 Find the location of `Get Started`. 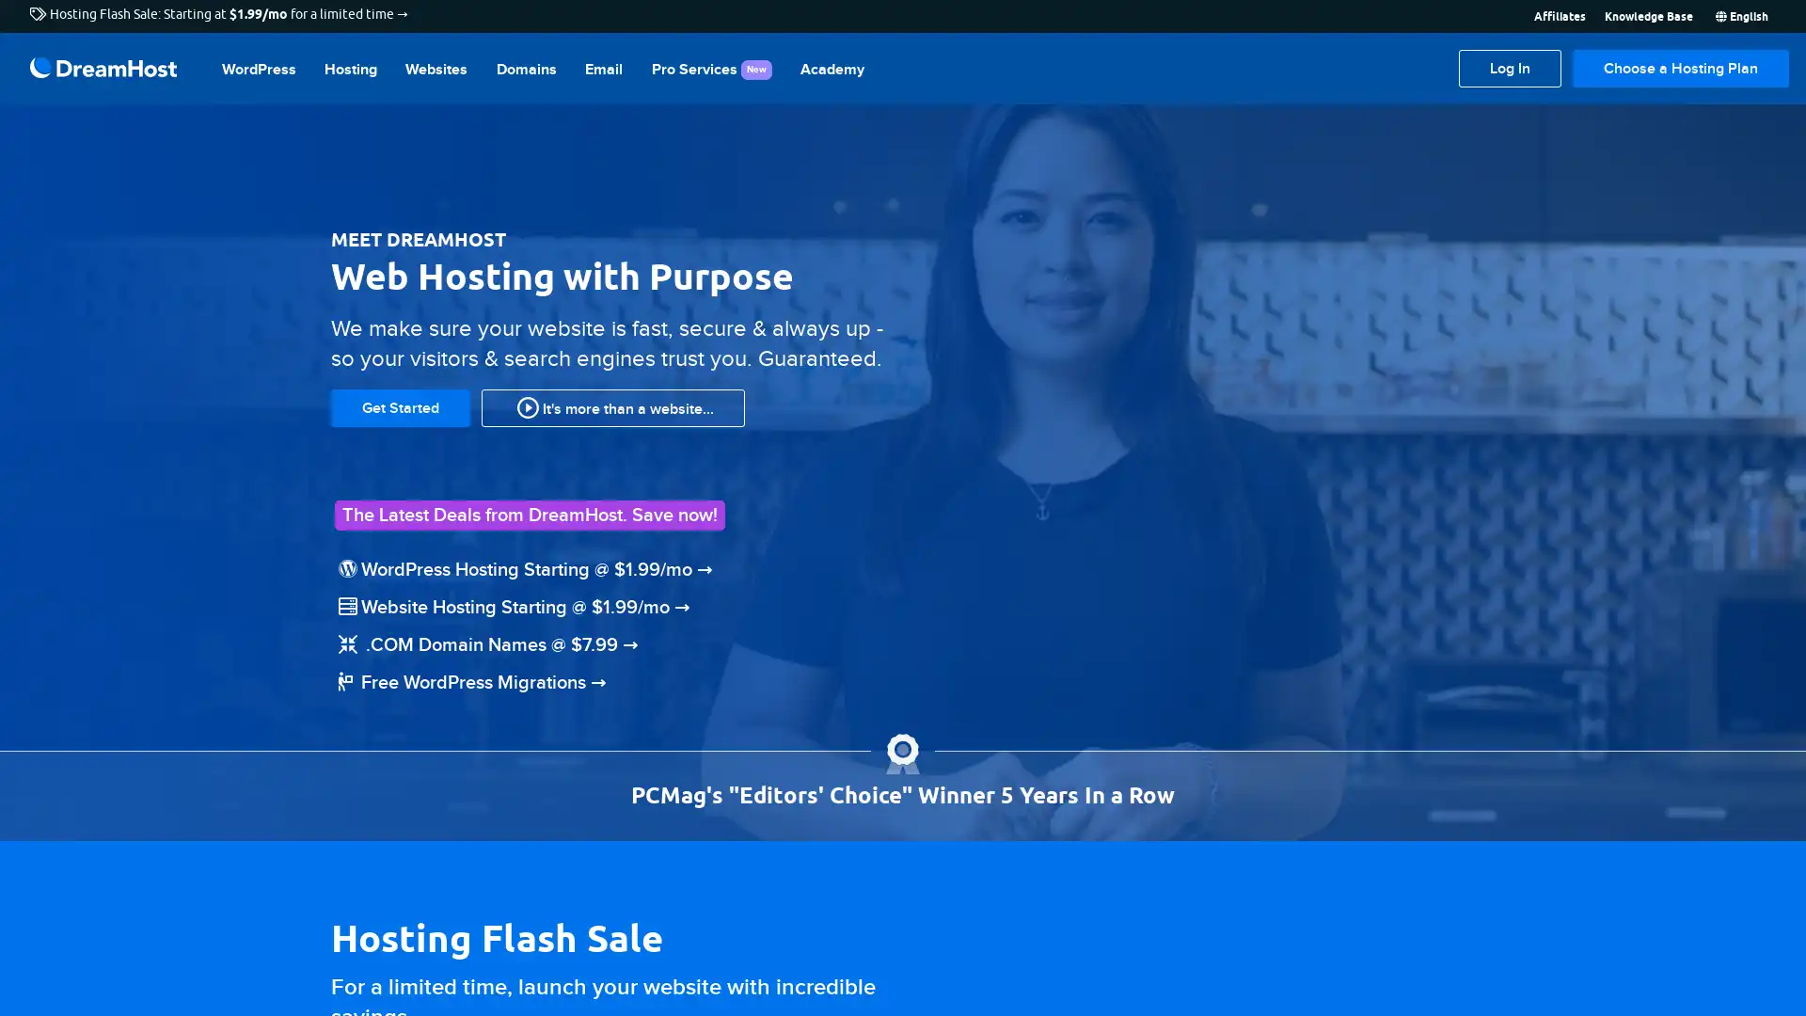

Get Started is located at coordinates (400, 405).